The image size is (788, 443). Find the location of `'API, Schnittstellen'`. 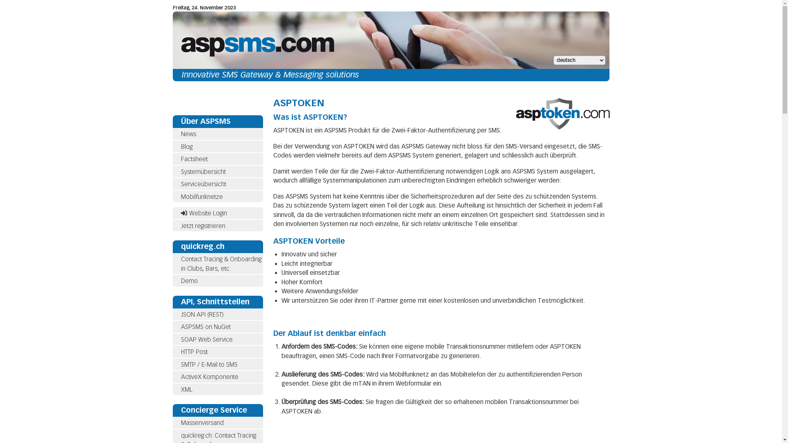

'API, Schnittstellen' is located at coordinates (217, 301).